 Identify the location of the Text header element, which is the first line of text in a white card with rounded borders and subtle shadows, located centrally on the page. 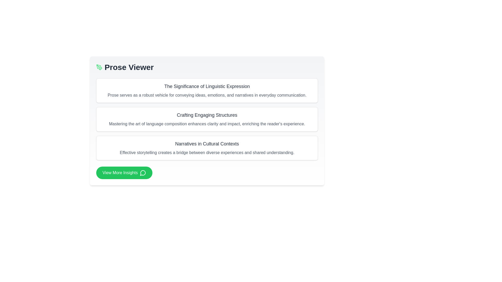
(207, 115).